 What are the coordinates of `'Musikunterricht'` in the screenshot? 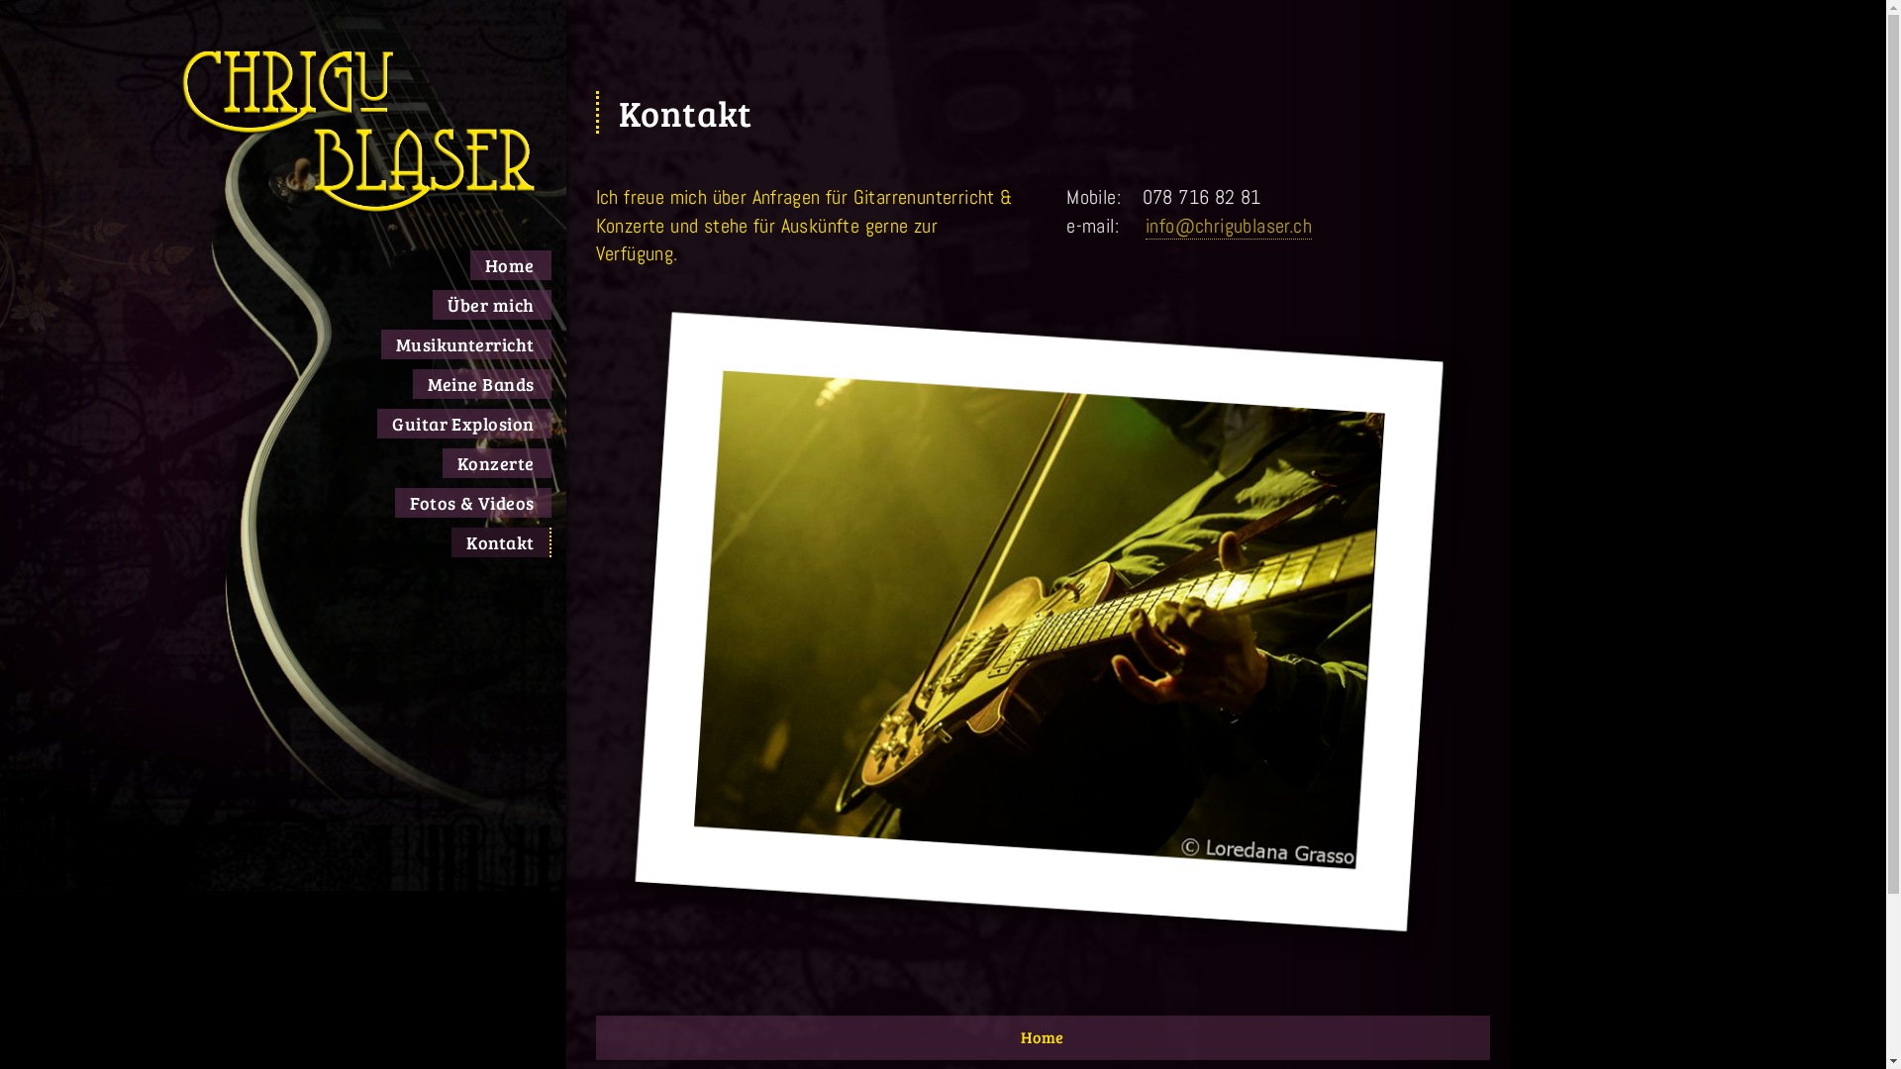 It's located at (464, 342).